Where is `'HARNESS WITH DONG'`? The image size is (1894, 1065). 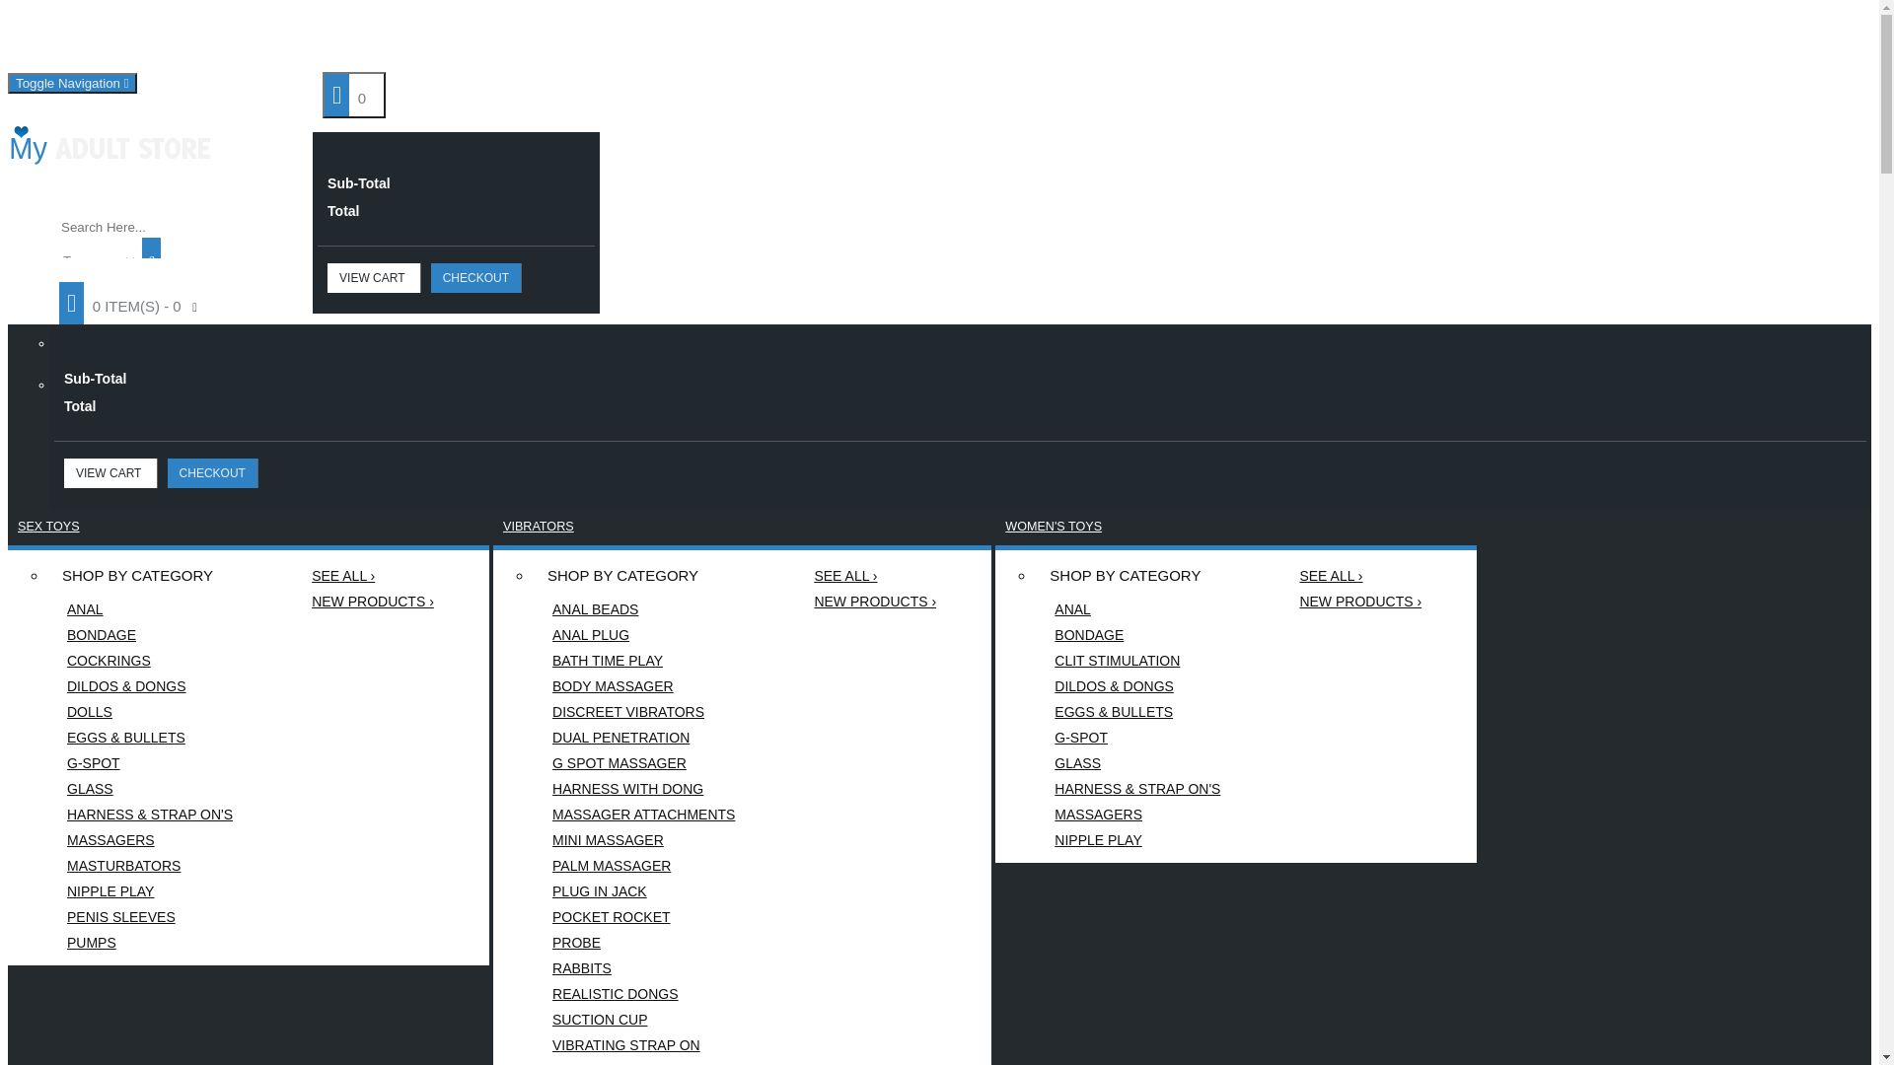
'HARNESS WITH DONG' is located at coordinates (643, 787).